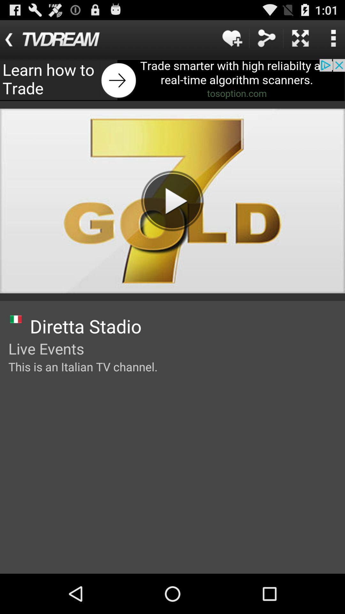  Describe the element at coordinates (300, 38) in the screenshot. I see `expand page to fullscreen` at that location.